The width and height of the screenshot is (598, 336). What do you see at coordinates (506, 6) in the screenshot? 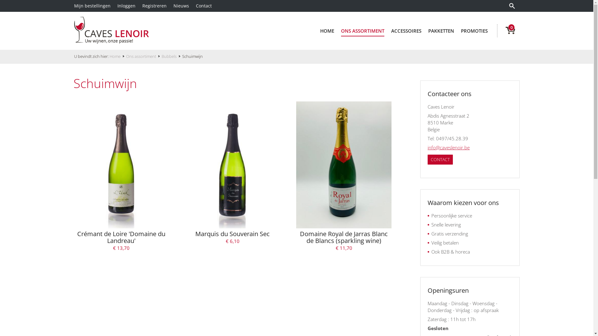
I see `'Zoeken'` at bounding box center [506, 6].